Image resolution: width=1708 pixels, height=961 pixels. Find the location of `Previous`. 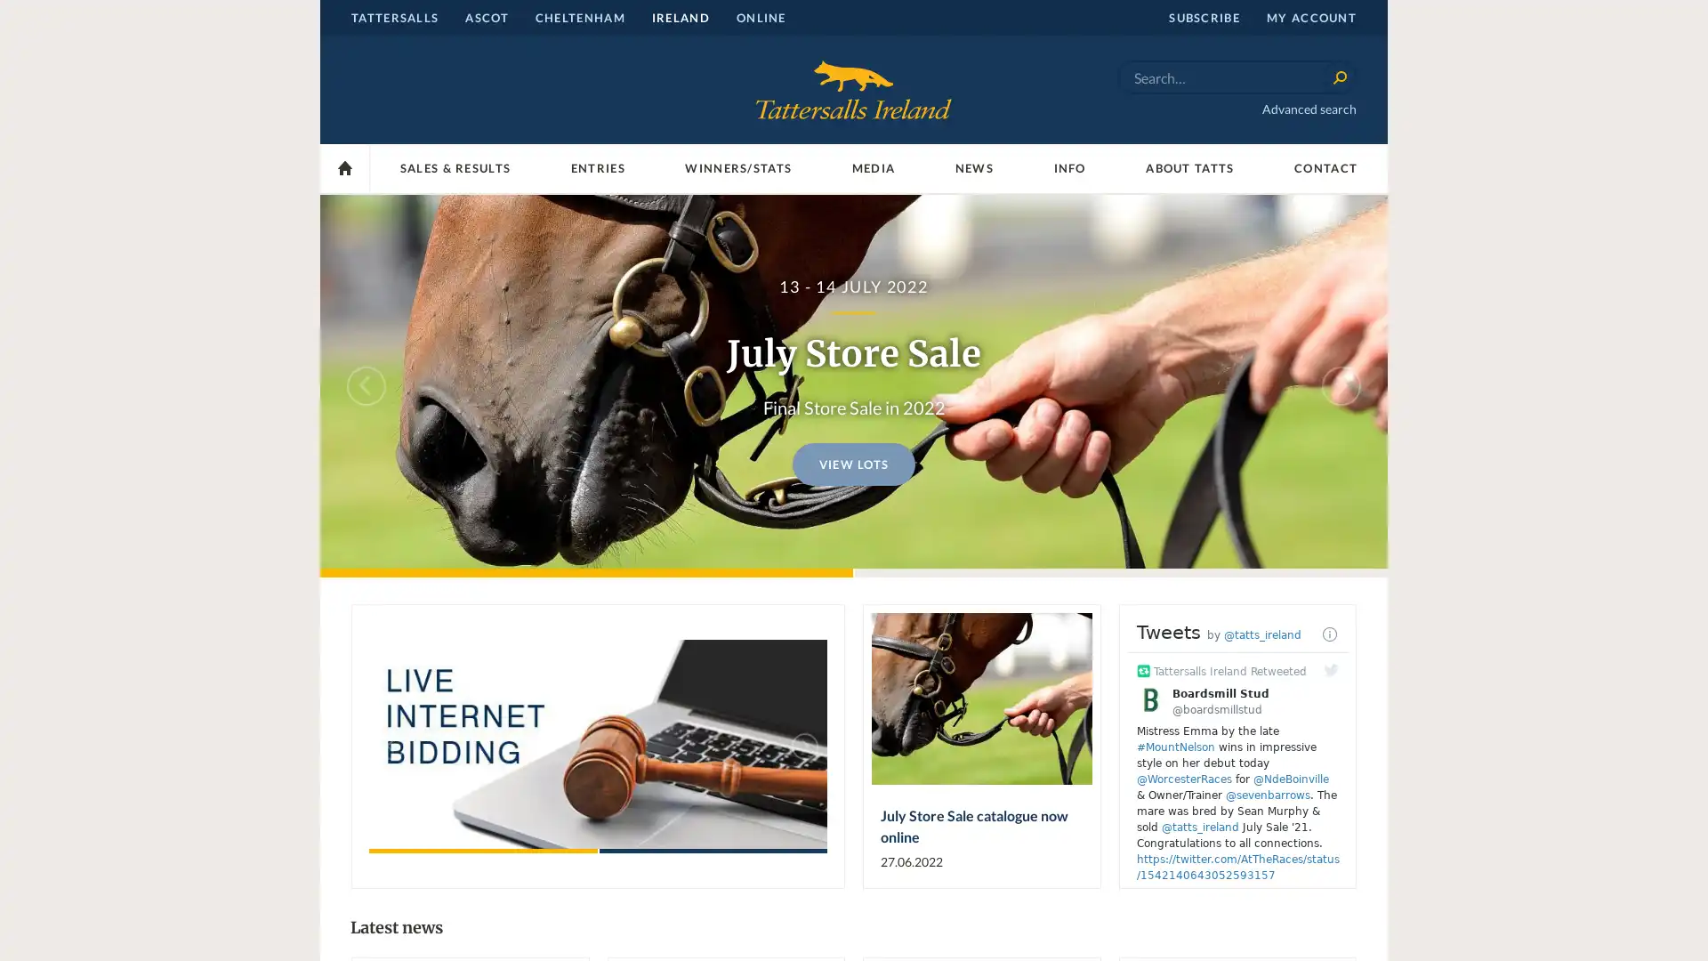

Previous is located at coordinates (366, 385).